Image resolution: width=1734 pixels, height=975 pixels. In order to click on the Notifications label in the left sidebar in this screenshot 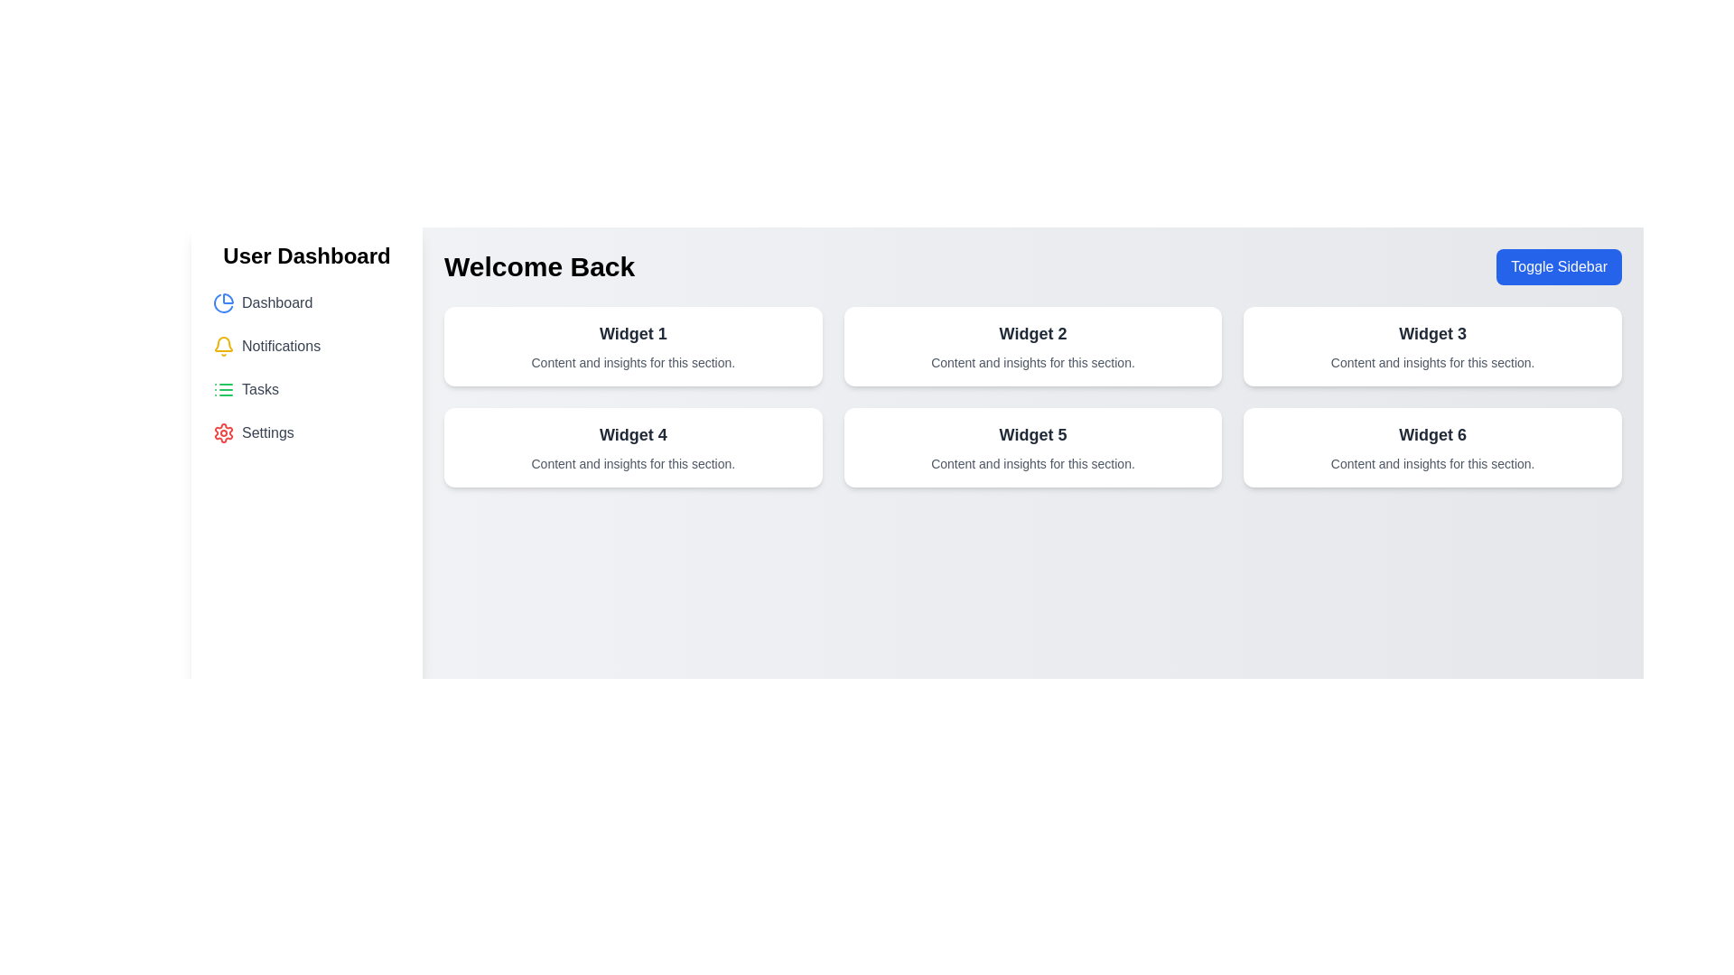, I will do `click(280, 347)`.